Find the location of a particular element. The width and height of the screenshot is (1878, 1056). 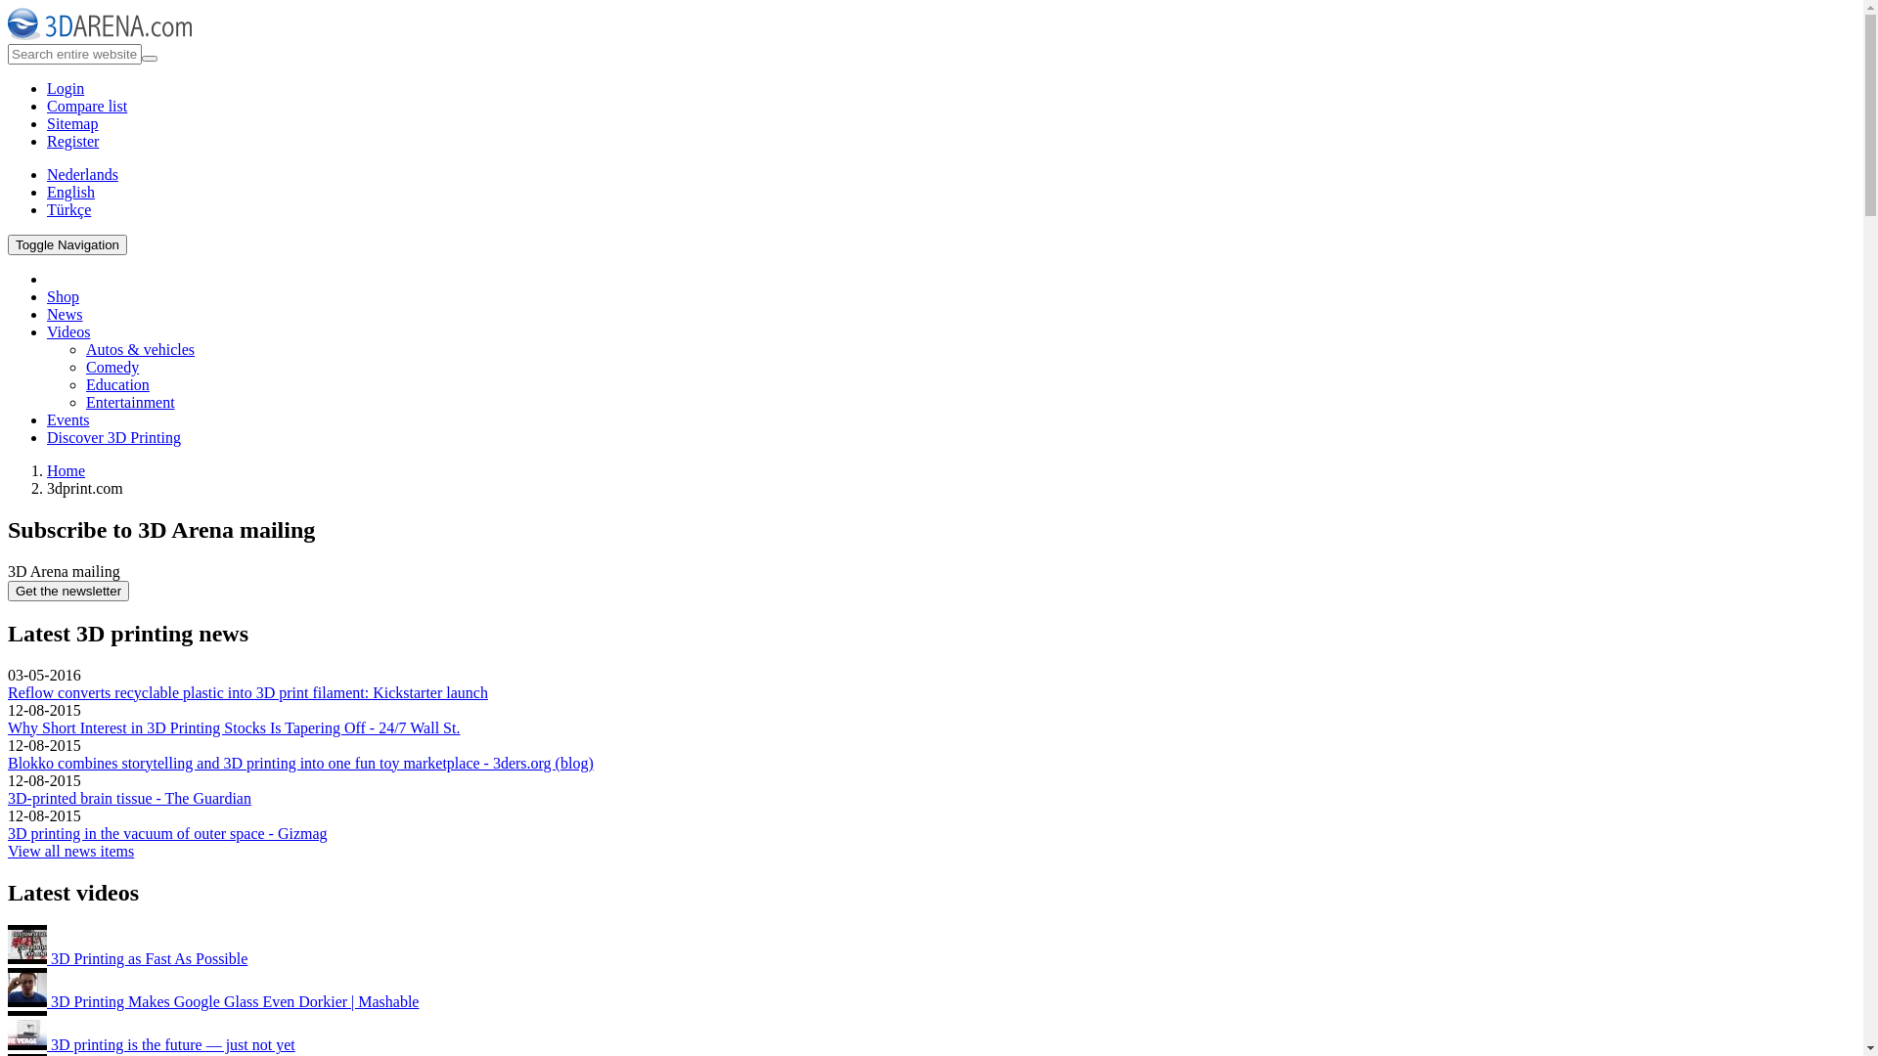

'Nederlands' is located at coordinates (81, 173).